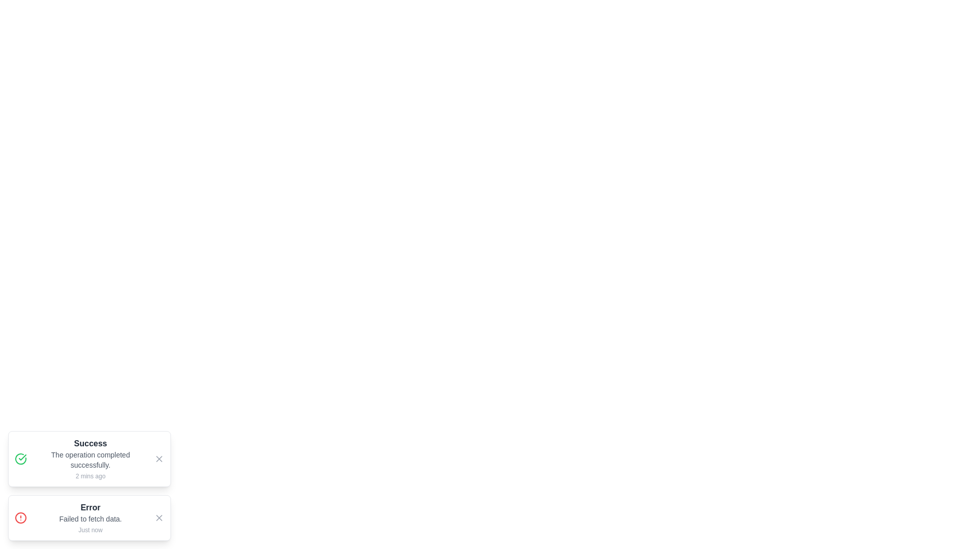 The width and height of the screenshot is (977, 549). What do you see at coordinates (22, 456) in the screenshot?
I see `the checkmark icon within the SVG graphic that indicates a successful operation, located in the upper-left quadrant of the success notification bubble` at bounding box center [22, 456].